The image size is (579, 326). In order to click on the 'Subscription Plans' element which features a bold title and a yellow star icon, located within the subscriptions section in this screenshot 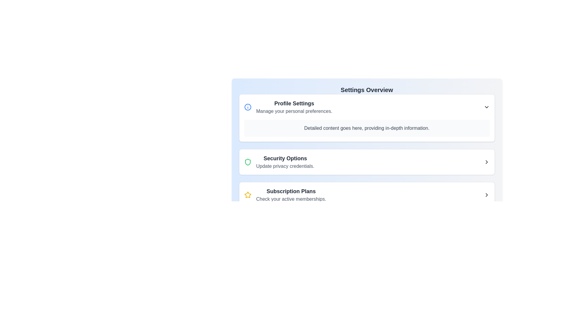, I will do `click(285, 195)`.